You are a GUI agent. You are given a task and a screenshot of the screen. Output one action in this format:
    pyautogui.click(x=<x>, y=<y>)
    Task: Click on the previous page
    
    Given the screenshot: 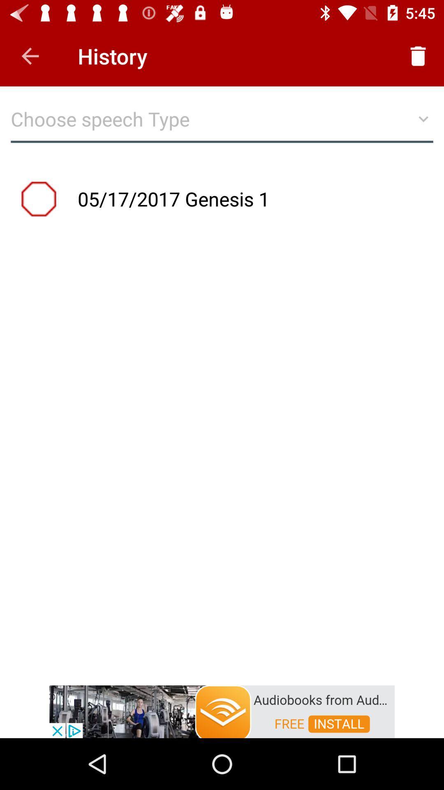 What is the action you would take?
    pyautogui.click(x=30, y=56)
    